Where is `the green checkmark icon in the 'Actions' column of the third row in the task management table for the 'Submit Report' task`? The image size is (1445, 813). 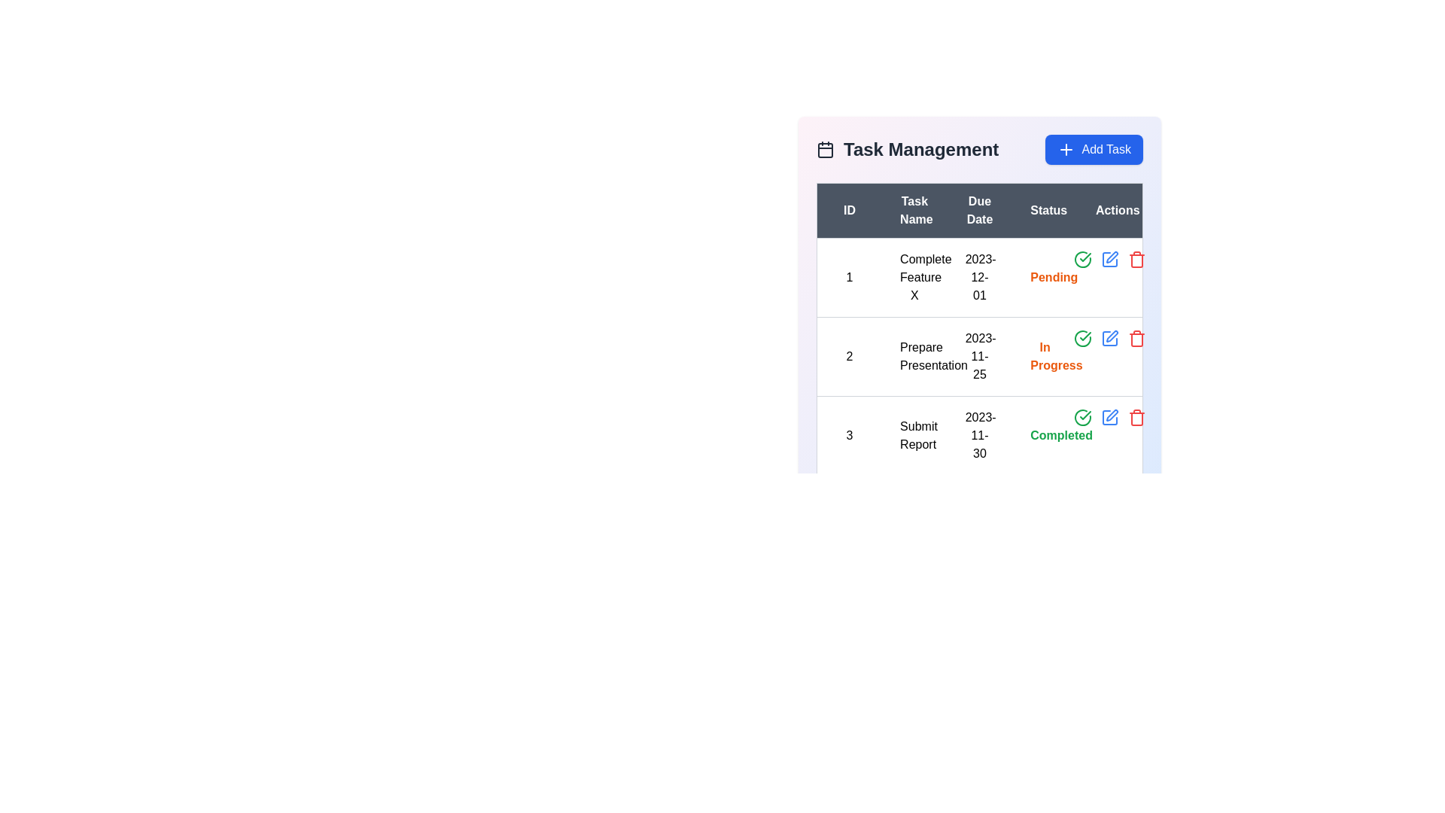
the green checkmark icon in the 'Actions' column of the third row in the task management table for the 'Submit Report' task is located at coordinates (1085, 336).